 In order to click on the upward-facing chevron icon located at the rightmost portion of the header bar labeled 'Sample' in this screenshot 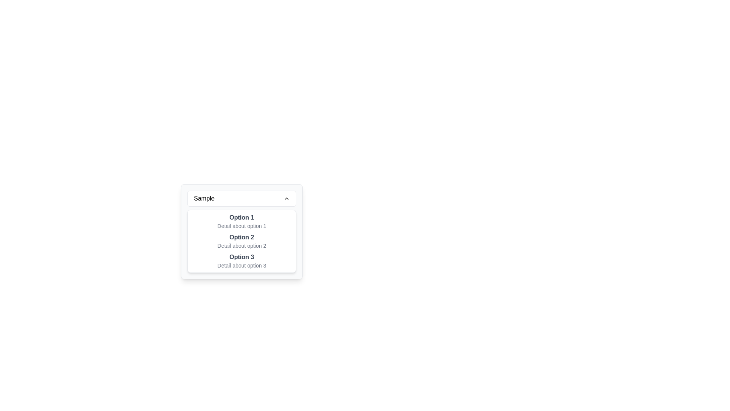, I will do `click(286, 198)`.